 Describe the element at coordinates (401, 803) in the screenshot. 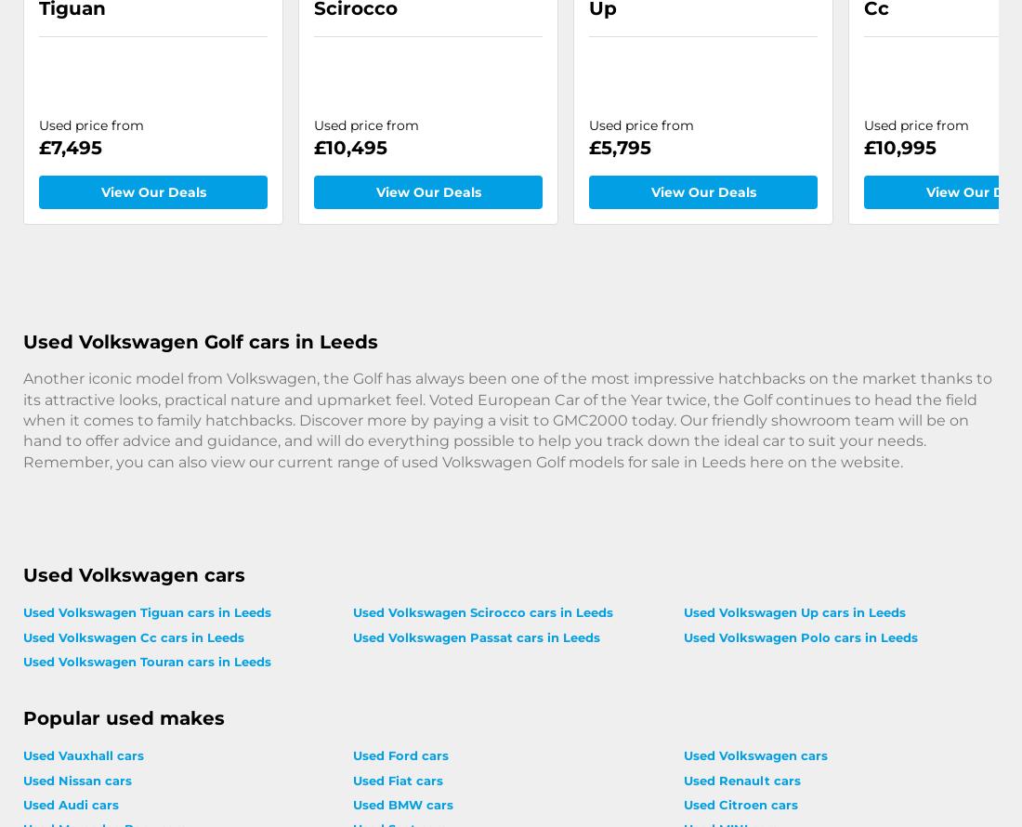

I see `'Used BMW cars'` at that location.